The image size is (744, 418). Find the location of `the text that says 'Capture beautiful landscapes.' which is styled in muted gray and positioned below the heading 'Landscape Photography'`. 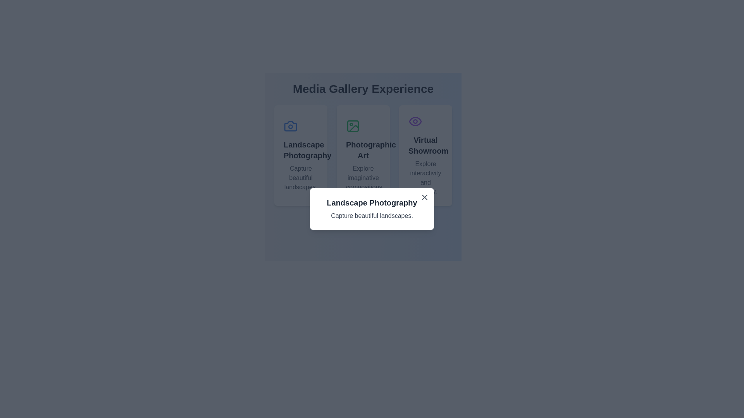

the text that says 'Capture beautiful landscapes.' which is styled in muted gray and positioned below the heading 'Landscape Photography' is located at coordinates (372, 216).